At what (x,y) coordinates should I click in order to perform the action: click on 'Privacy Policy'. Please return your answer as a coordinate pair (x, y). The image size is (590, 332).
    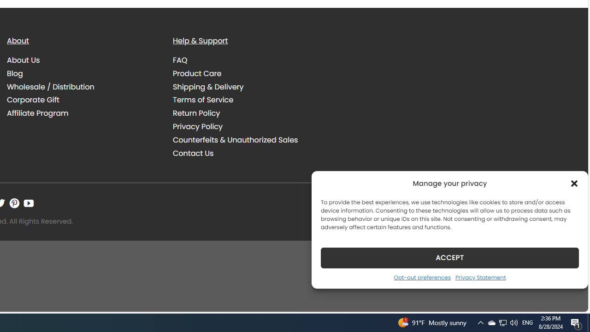
    Looking at the image, I should click on (249, 126).